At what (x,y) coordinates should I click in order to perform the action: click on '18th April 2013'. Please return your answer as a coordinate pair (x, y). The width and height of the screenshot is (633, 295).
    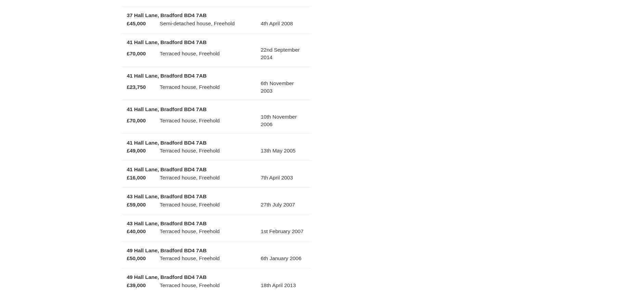
    Looking at the image, I should click on (278, 284).